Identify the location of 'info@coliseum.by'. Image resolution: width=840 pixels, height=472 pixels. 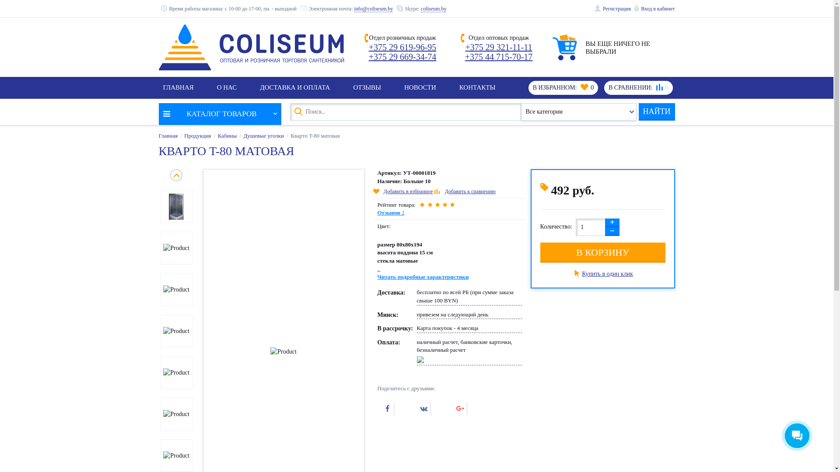
(374, 9).